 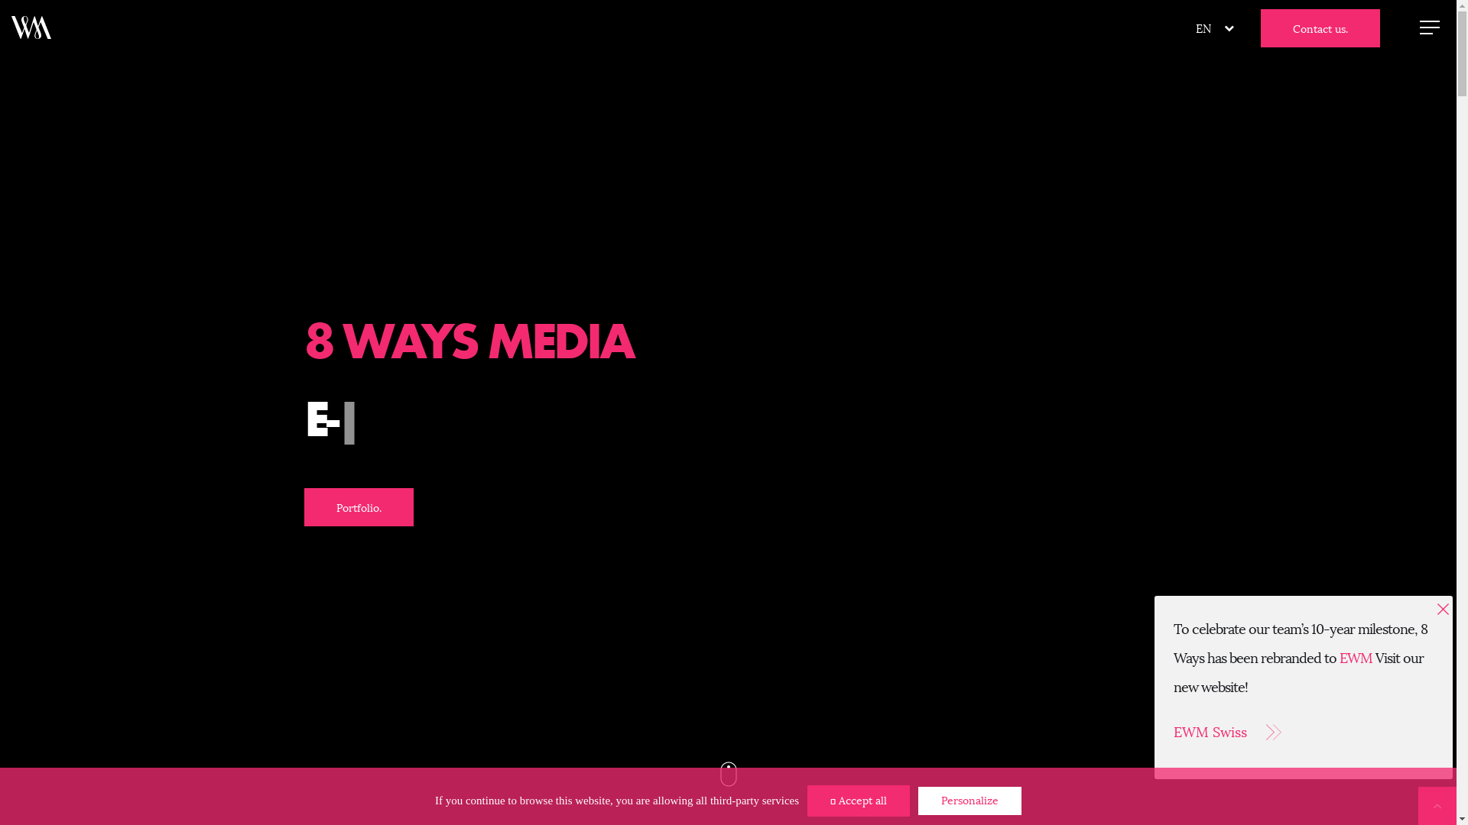 I want to click on 'Personalize', so click(x=969, y=800).